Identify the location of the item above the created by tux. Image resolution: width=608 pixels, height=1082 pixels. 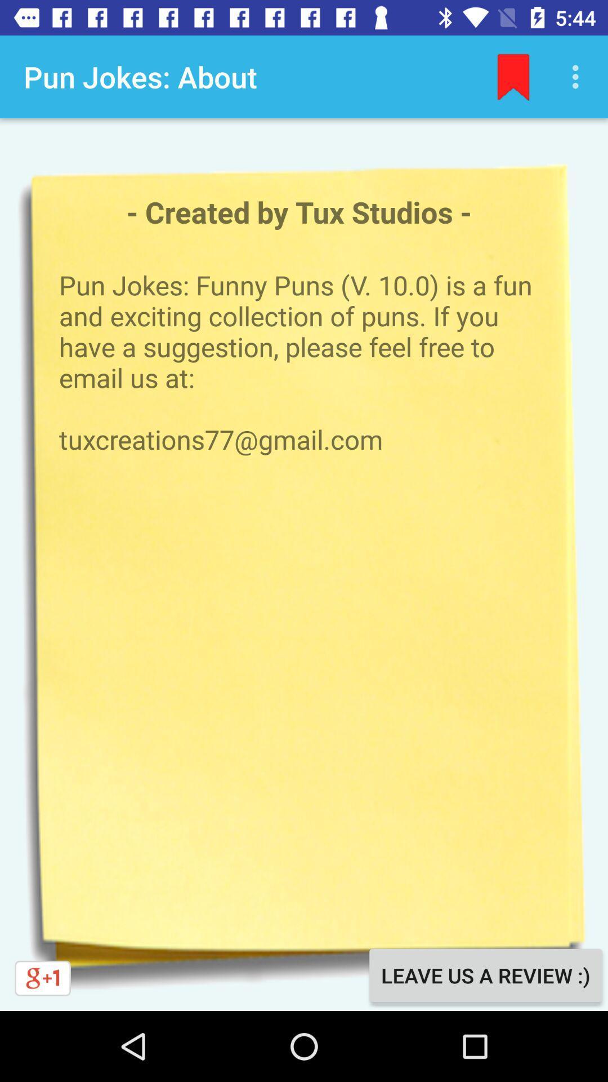
(513, 76).